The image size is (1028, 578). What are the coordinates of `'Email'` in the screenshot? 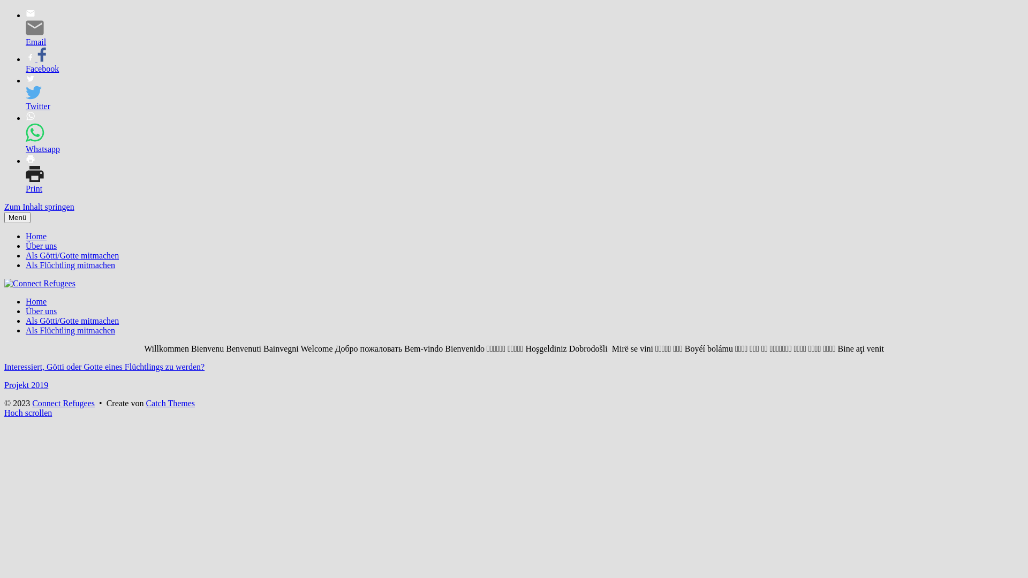 It's located at (39, 28).